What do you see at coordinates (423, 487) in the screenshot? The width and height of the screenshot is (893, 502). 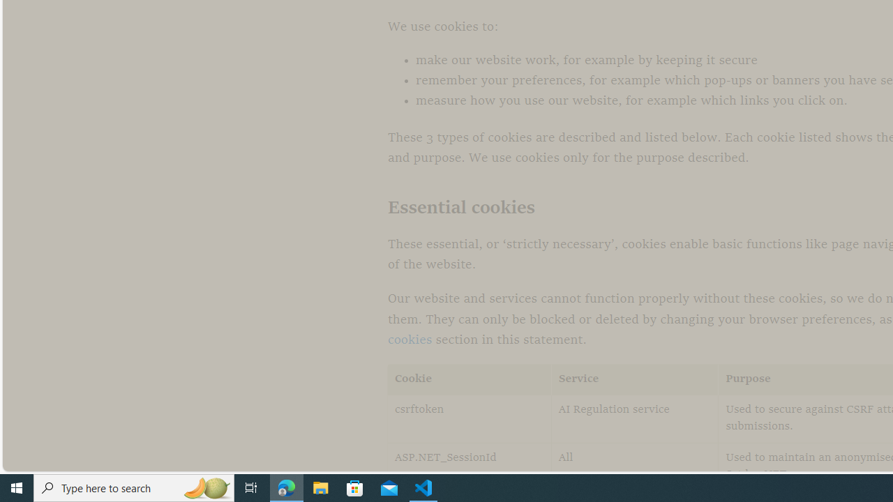 I see `'Visual Studio Code - 1 running window'` at bounding box center [423, 487].